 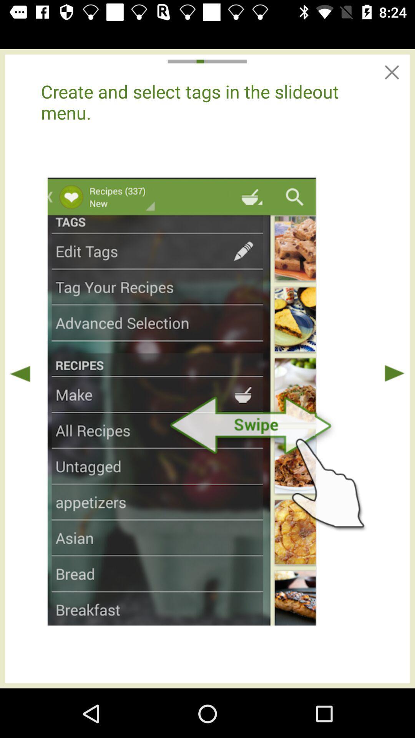 What do you see at coordinates (394, 373) in the screenshot?
I see `next option` at bounding box center [394, 373].